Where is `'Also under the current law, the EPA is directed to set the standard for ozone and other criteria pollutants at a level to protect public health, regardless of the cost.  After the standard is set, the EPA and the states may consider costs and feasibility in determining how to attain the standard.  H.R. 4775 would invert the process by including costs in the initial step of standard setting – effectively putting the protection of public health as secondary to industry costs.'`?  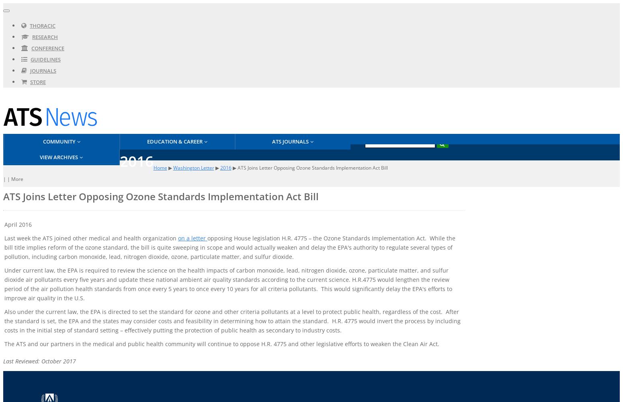
'Also under the current law, the EPA is directed to set the standard for ozone and other criteria pollutants at a level to protect public health, regardless of the cost.  After the standard is set, the EPA and the states may consider costs and feasibility in determining how to attain the standard.  H.R. 4775 would invert the process by including costs in the initial step of standard setting – effectively putting the protection of public health as secondary to industry costs.' is located at coordinates (232, 320).